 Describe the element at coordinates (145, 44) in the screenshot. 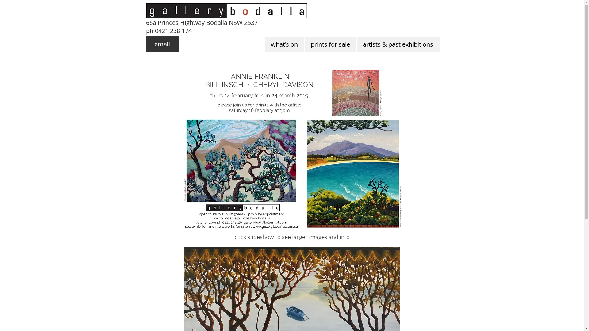

I see `'email'` at that location.